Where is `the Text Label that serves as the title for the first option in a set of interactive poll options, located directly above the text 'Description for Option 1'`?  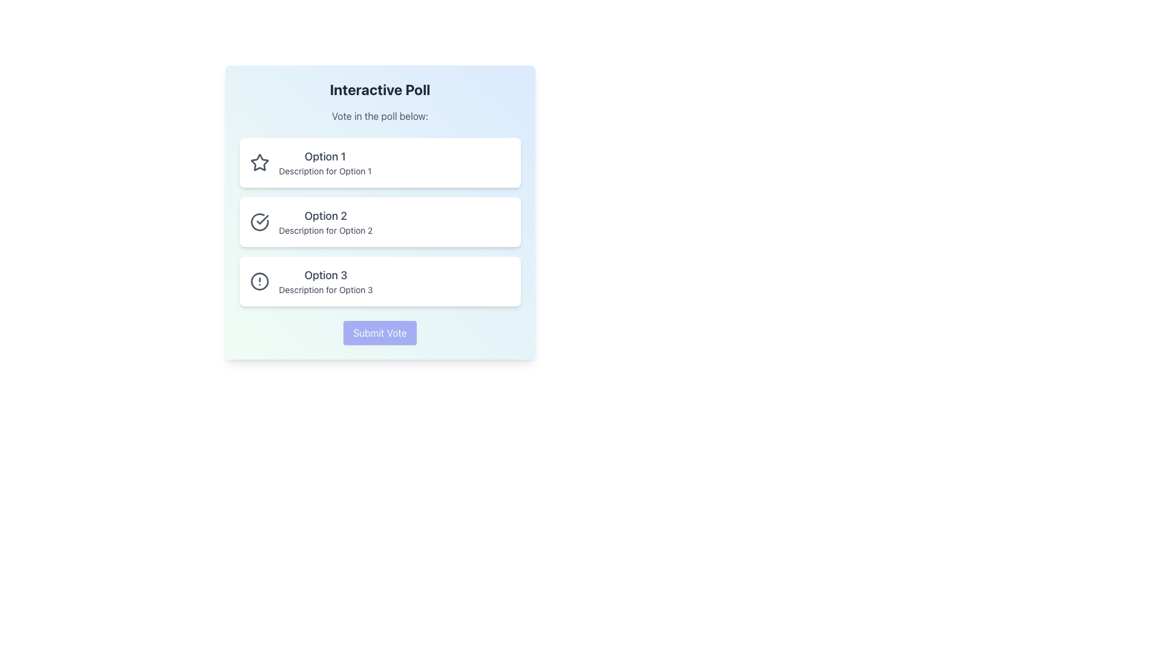
the Text Label that serves as the title for the first option in a set of interactive poll options, located directly above the text 'Description for Option 1' is located at coordinates (325, 156).